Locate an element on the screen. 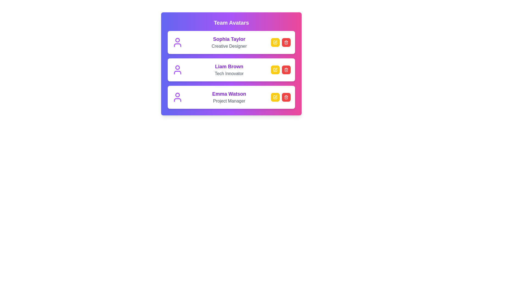  the Profile Tile representing 'Sophia Taylor', the first card in the list of user profile cards is located at coordinates (231, 42).